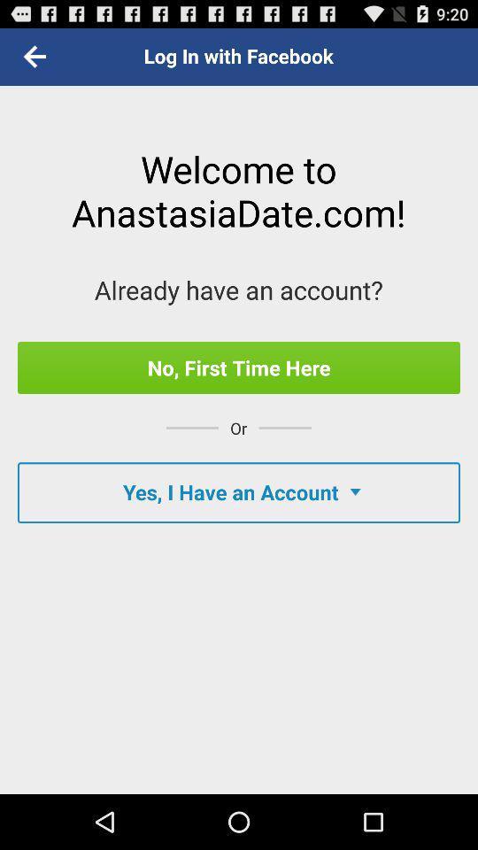 This screenshot has width=478, height=850. What do you see at coordinates (239, 367) in the screenshot?
I see `the no first time button` at bounding box center [239, 367].